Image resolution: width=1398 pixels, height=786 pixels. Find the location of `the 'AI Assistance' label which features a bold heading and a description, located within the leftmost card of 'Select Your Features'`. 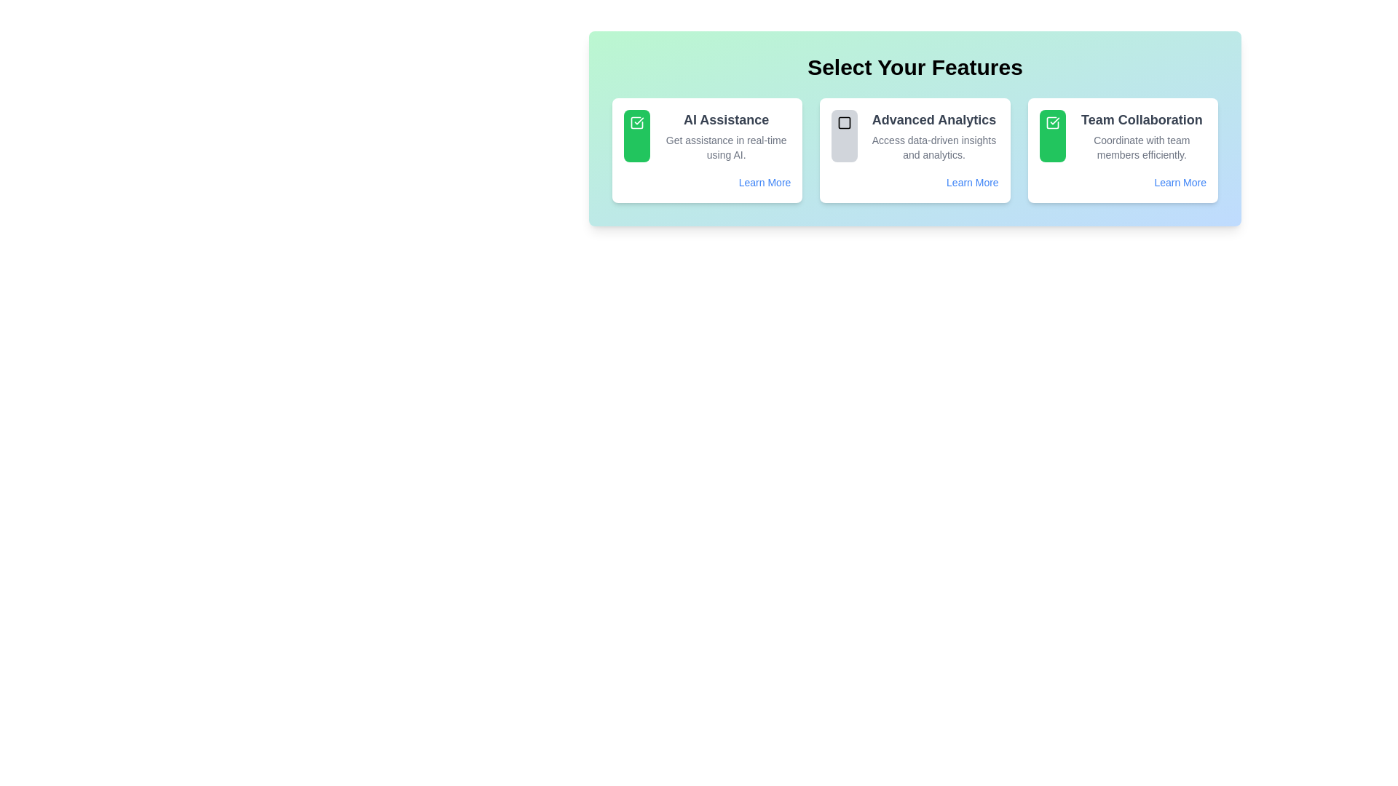

the 'AI Assistance' label which features a bold heading and a description, located within the leftmost card of 'Select Your Features' is located at coordinates (726, 135).